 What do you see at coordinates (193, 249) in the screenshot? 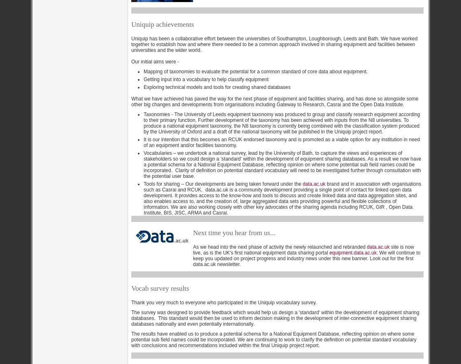
I see `'site is now live, as is the UK's first national equipment data sharing portal'` at bounding box center [193, 249].